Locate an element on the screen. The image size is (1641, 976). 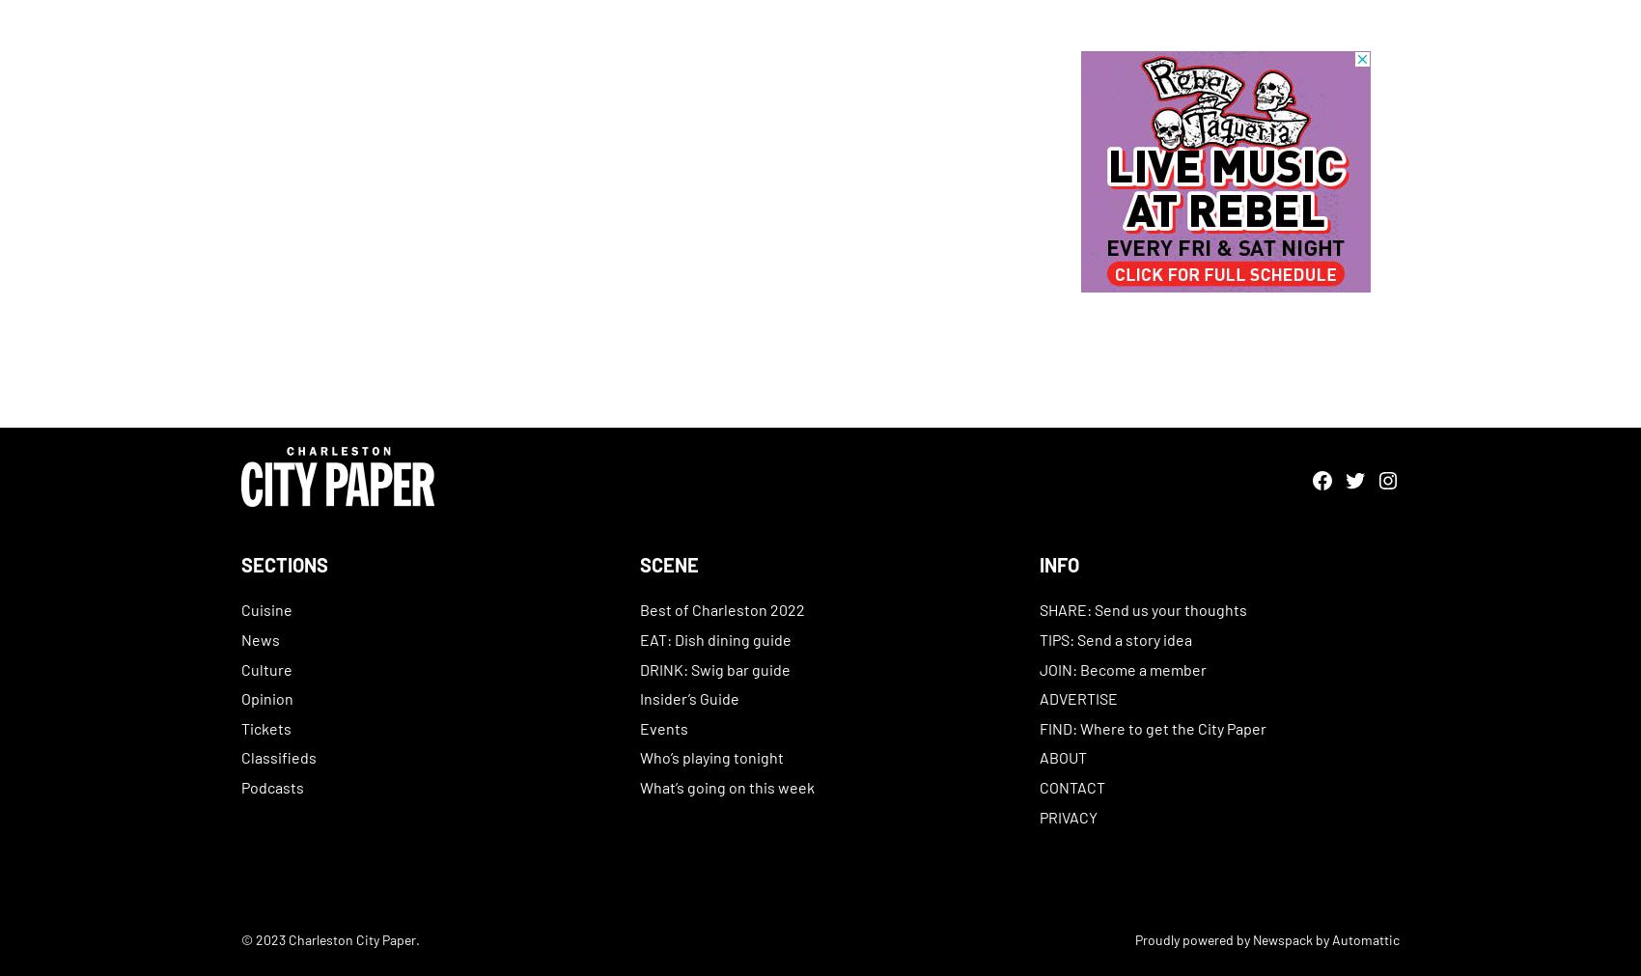
'ABOUT' is located at coordinates (1038, 756).